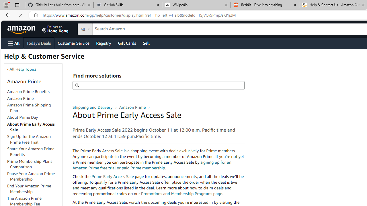  I want to click on 'Reddit - Dive into anything', so click(265, 5).